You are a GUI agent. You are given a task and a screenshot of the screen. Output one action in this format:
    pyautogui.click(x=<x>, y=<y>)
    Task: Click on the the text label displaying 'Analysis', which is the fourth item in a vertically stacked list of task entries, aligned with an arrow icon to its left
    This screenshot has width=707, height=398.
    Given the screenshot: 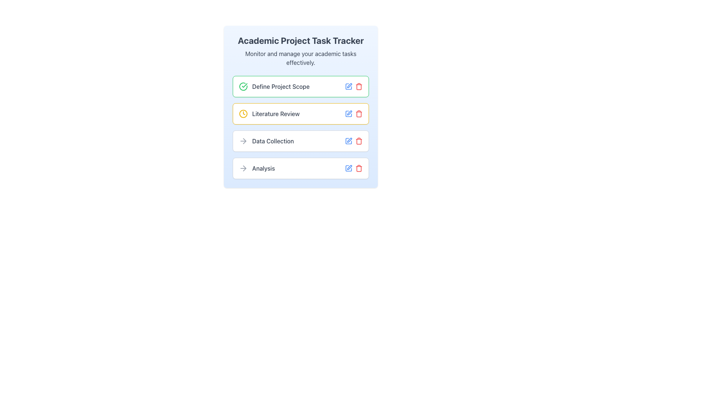 What is the action you would take?
    pyautogui.click(x=263, y=168)
    